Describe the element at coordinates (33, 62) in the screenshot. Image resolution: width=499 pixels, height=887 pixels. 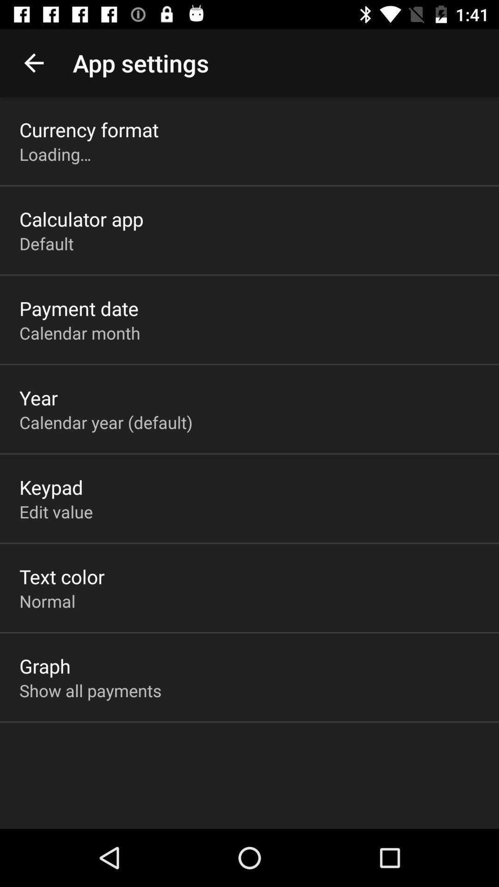
I see `the app next to app settings` at that location.